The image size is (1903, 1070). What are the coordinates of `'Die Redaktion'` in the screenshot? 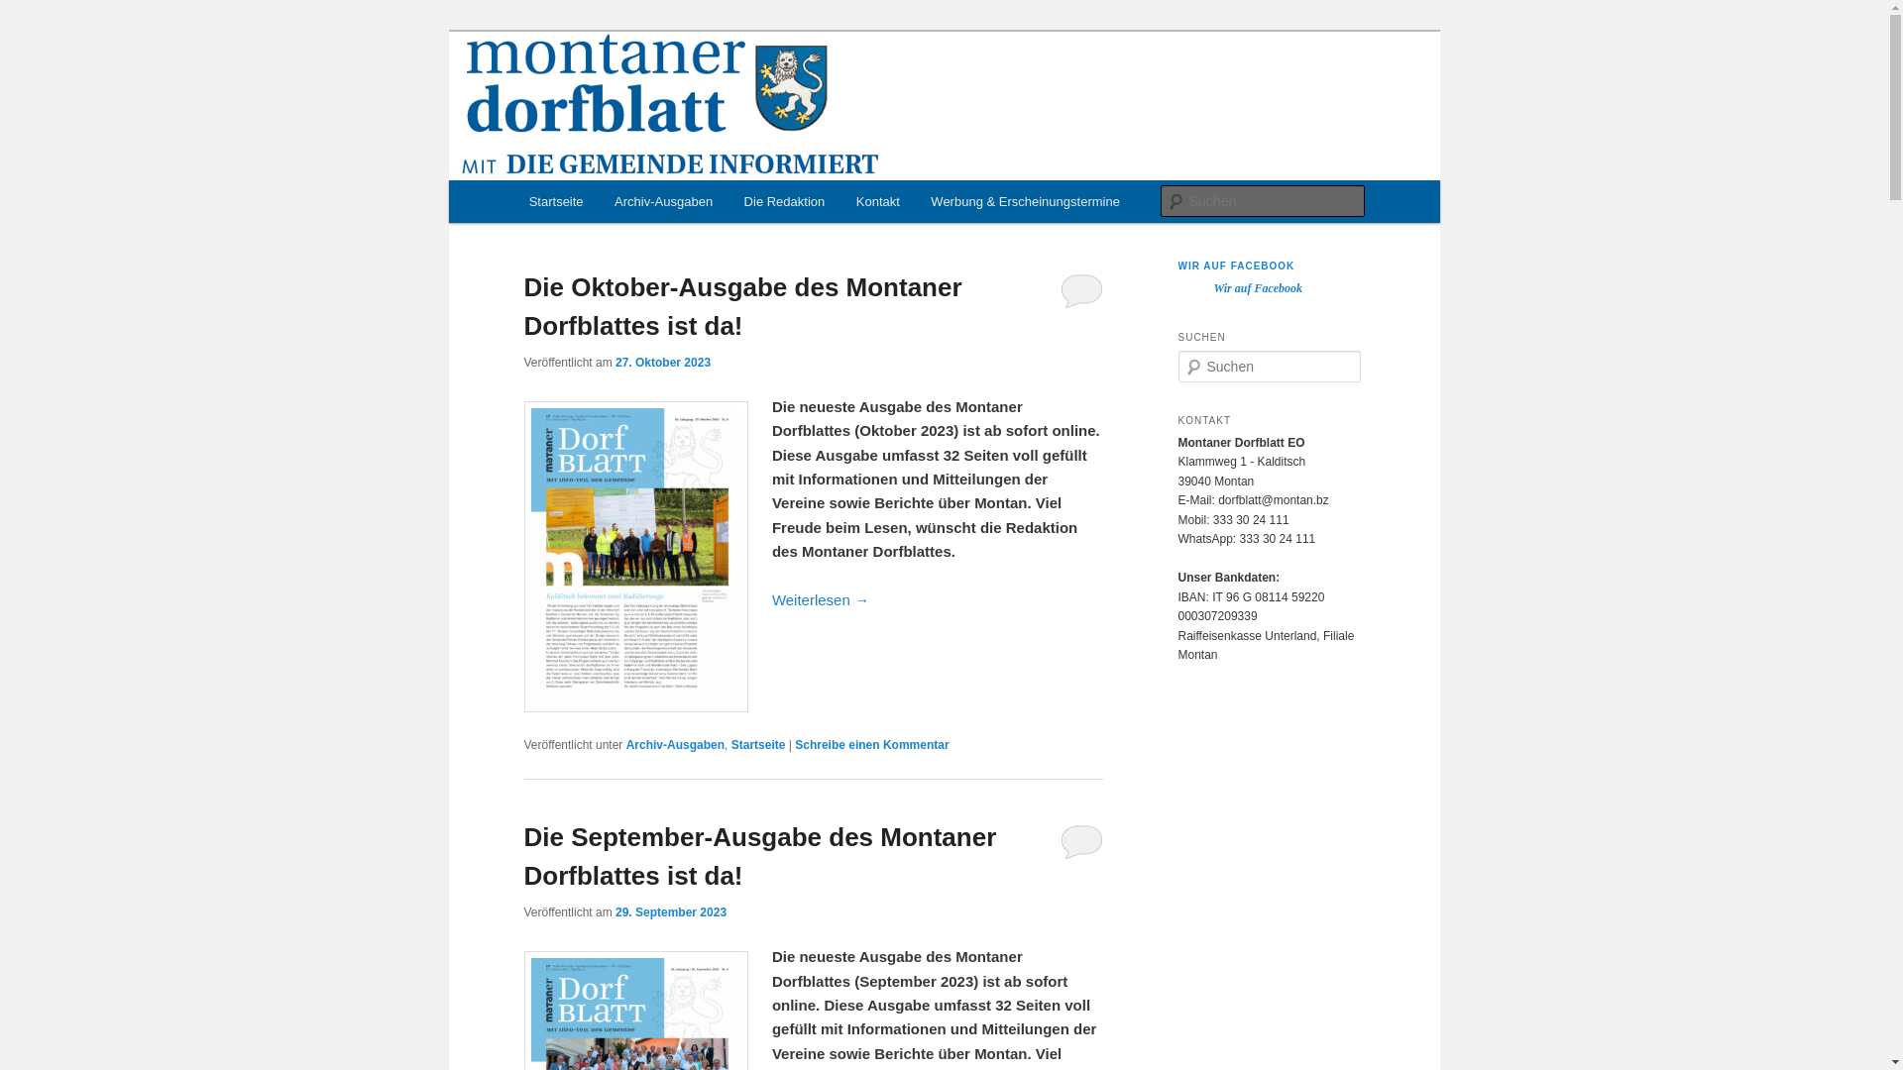 It's located at (727, 201).